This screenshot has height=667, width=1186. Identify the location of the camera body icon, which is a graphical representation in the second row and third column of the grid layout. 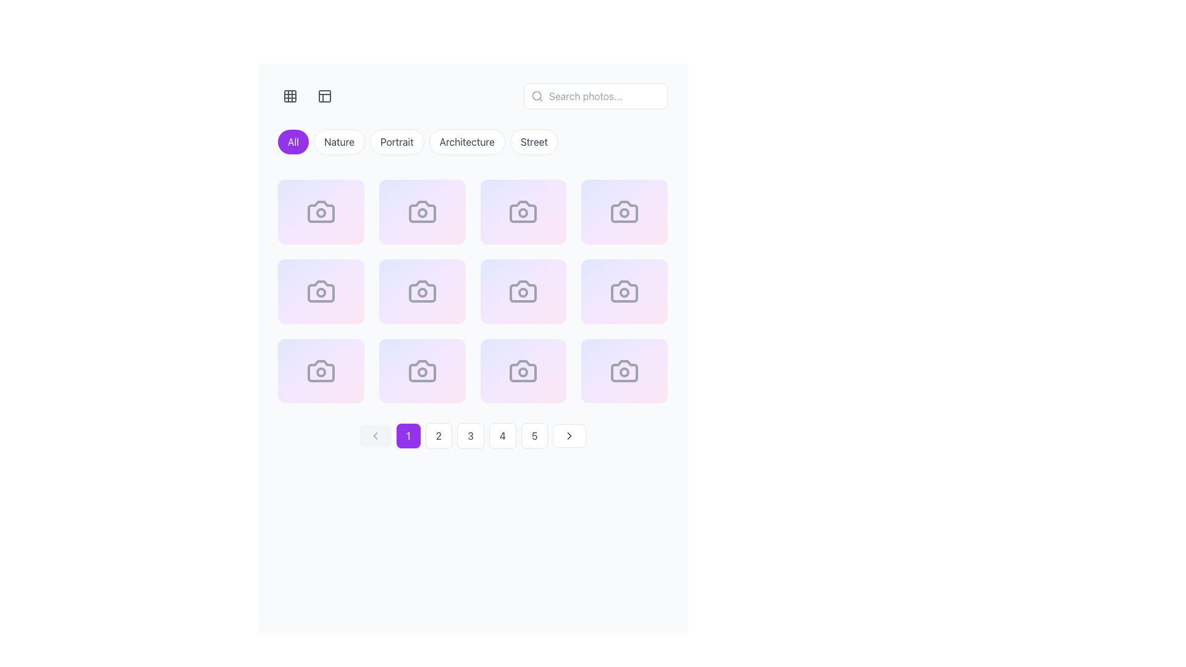
(422, 292).